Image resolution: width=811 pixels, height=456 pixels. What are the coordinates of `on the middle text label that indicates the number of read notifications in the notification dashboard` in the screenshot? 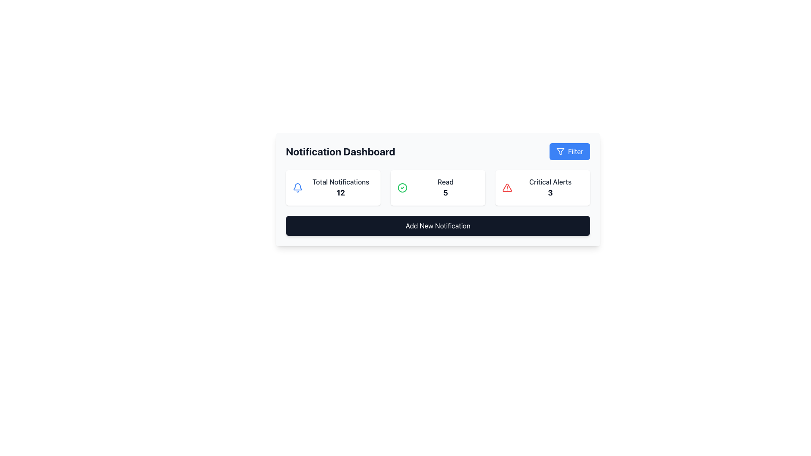 It's located at (445, 187).